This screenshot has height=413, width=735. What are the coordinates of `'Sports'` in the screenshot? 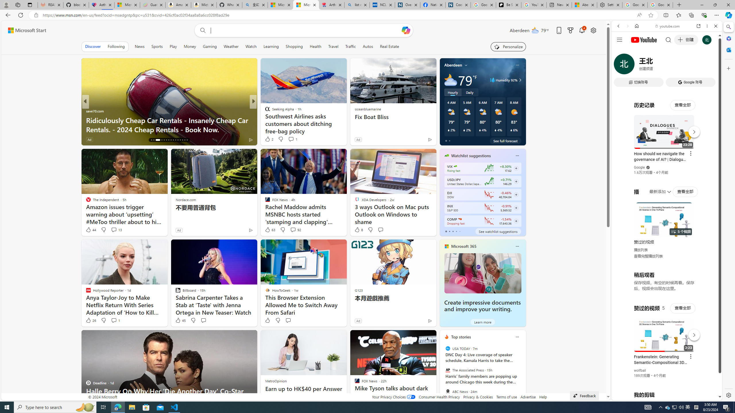 It's located at (157, 46).